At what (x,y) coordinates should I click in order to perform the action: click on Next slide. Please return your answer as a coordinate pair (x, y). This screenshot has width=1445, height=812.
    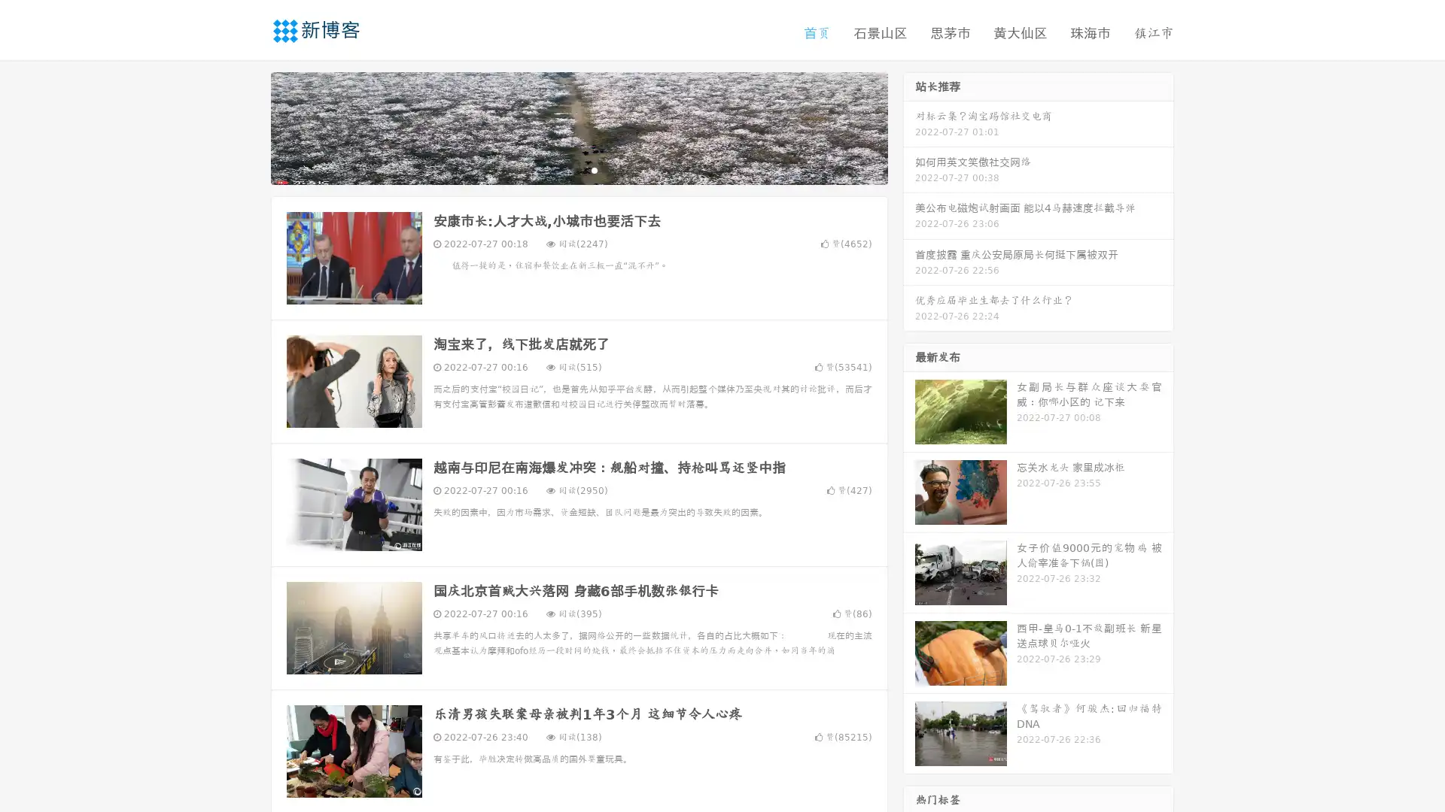
    Looking at the image, I should click on (909, 126).